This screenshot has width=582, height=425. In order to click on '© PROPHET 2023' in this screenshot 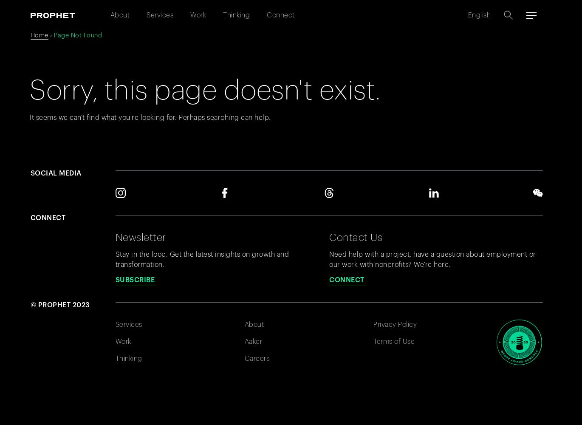, I will do `click(59, 304)`.